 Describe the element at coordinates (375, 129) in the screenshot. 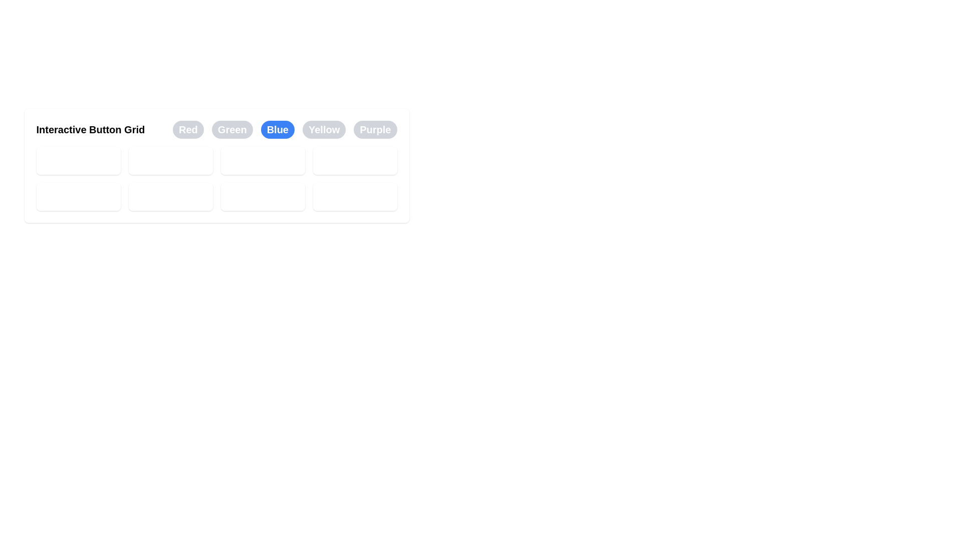

I see `the rounded button labeled 'Purple'` at that location.